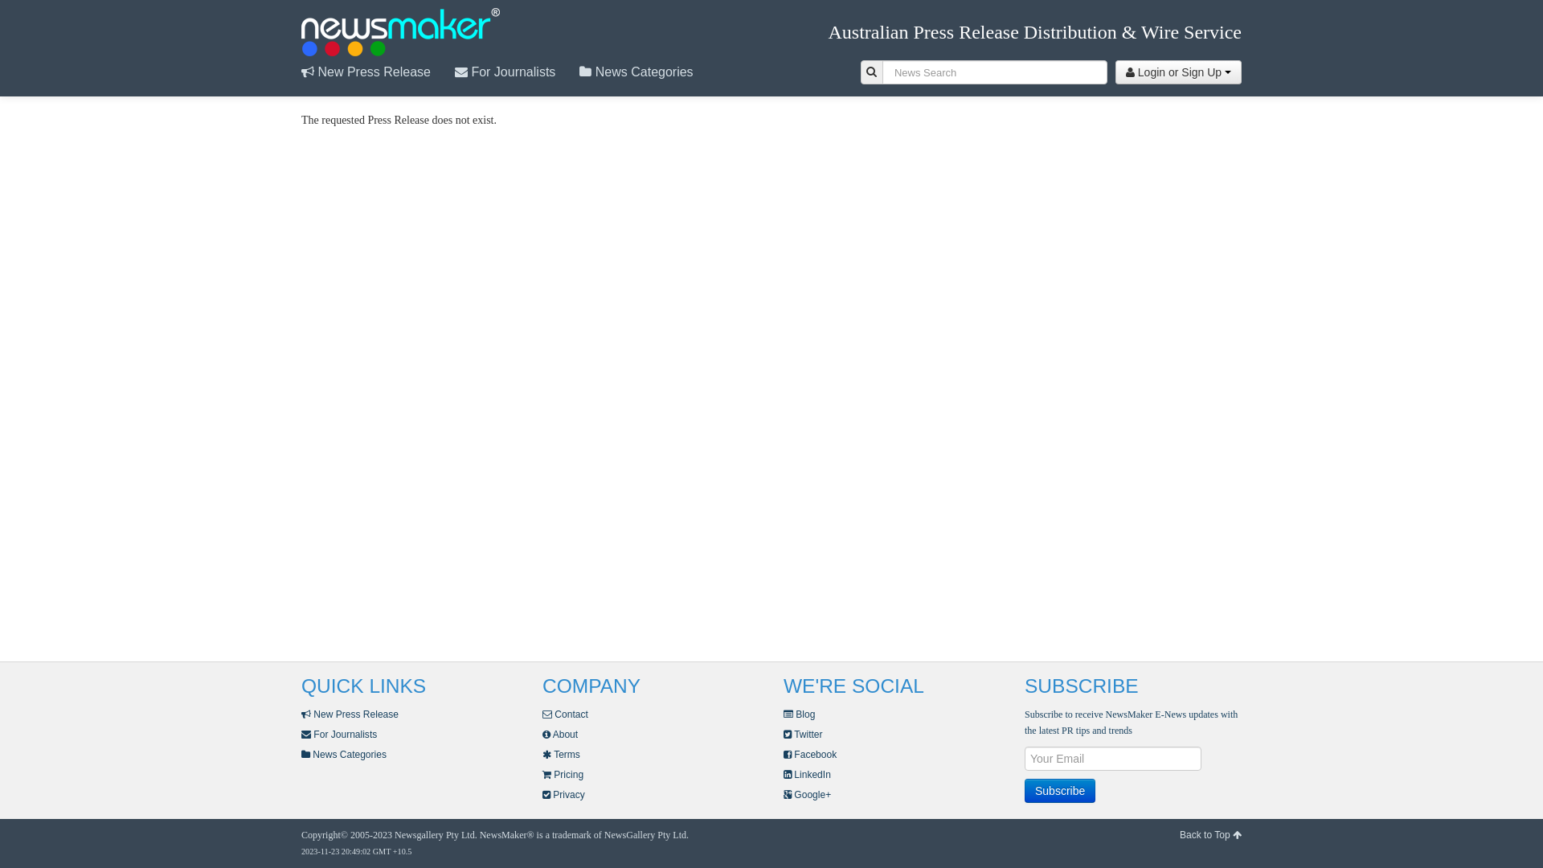 The height and width of the screenshot is (868, 1543). I want to click on 'Google+', so click(807, 793).